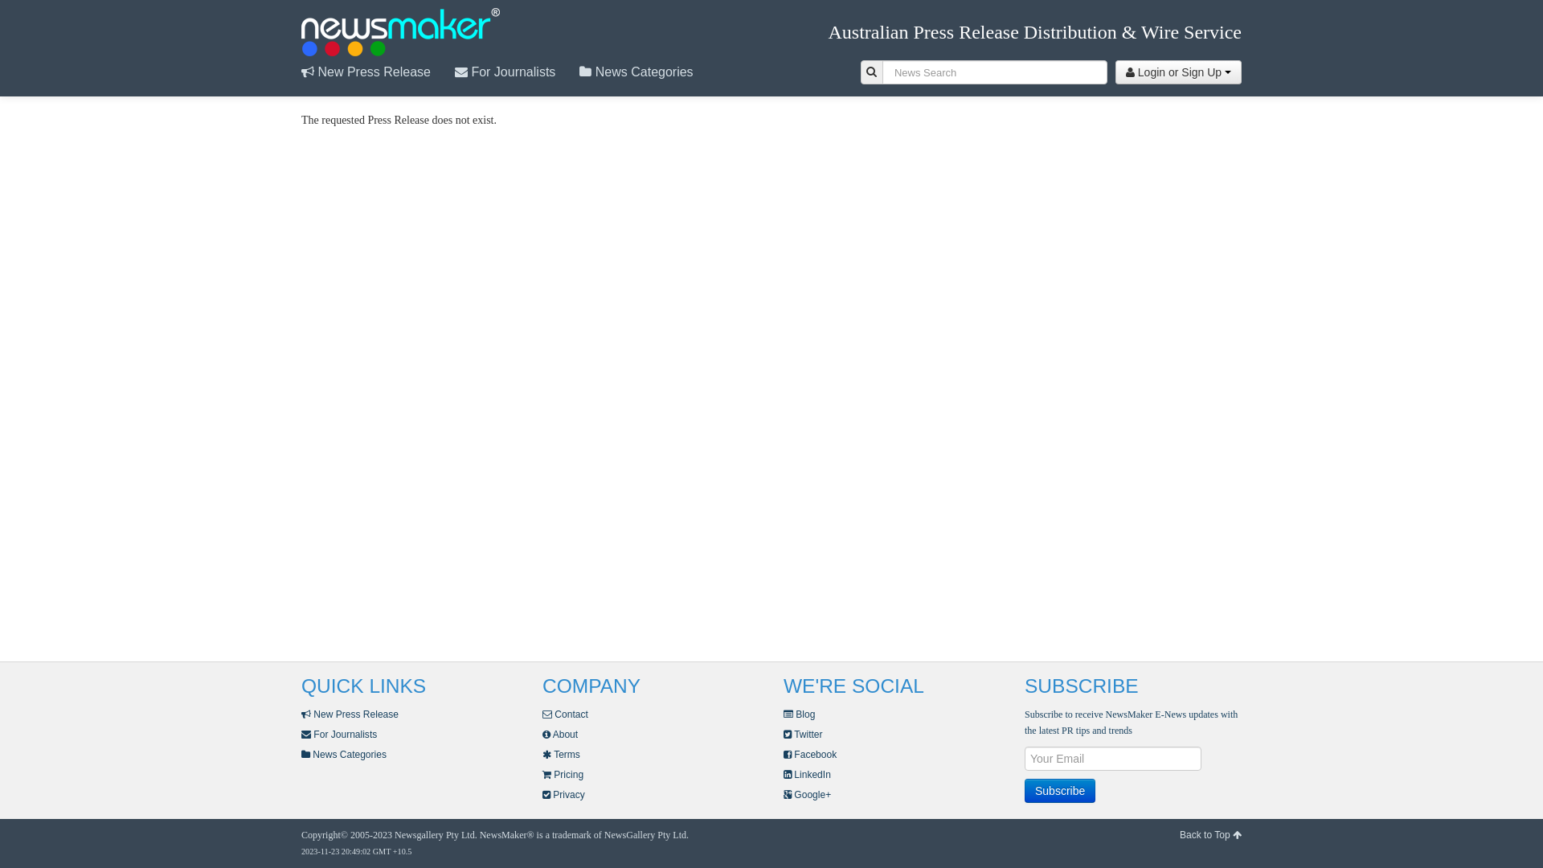 The height and width of the screenshot is (868, 1543). I want to click on 'Google+', so click(807, 793).